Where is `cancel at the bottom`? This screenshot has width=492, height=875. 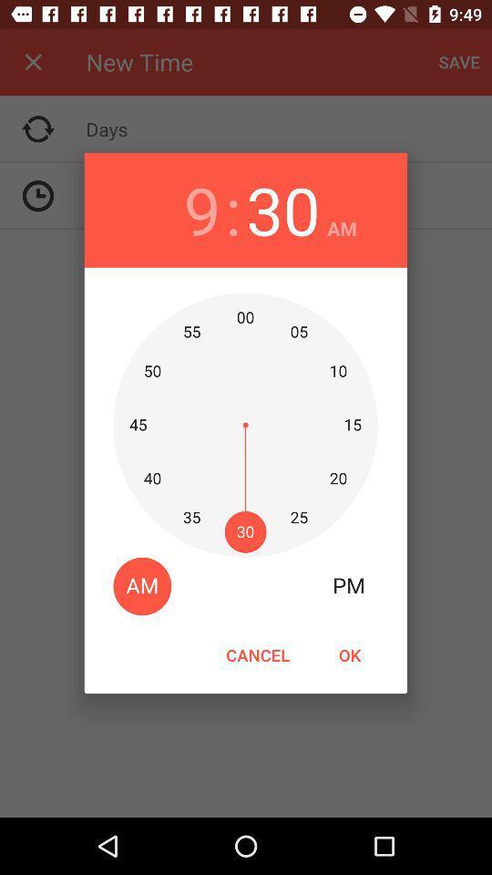 cancel at the bottom is located at coordinates (257, 654).